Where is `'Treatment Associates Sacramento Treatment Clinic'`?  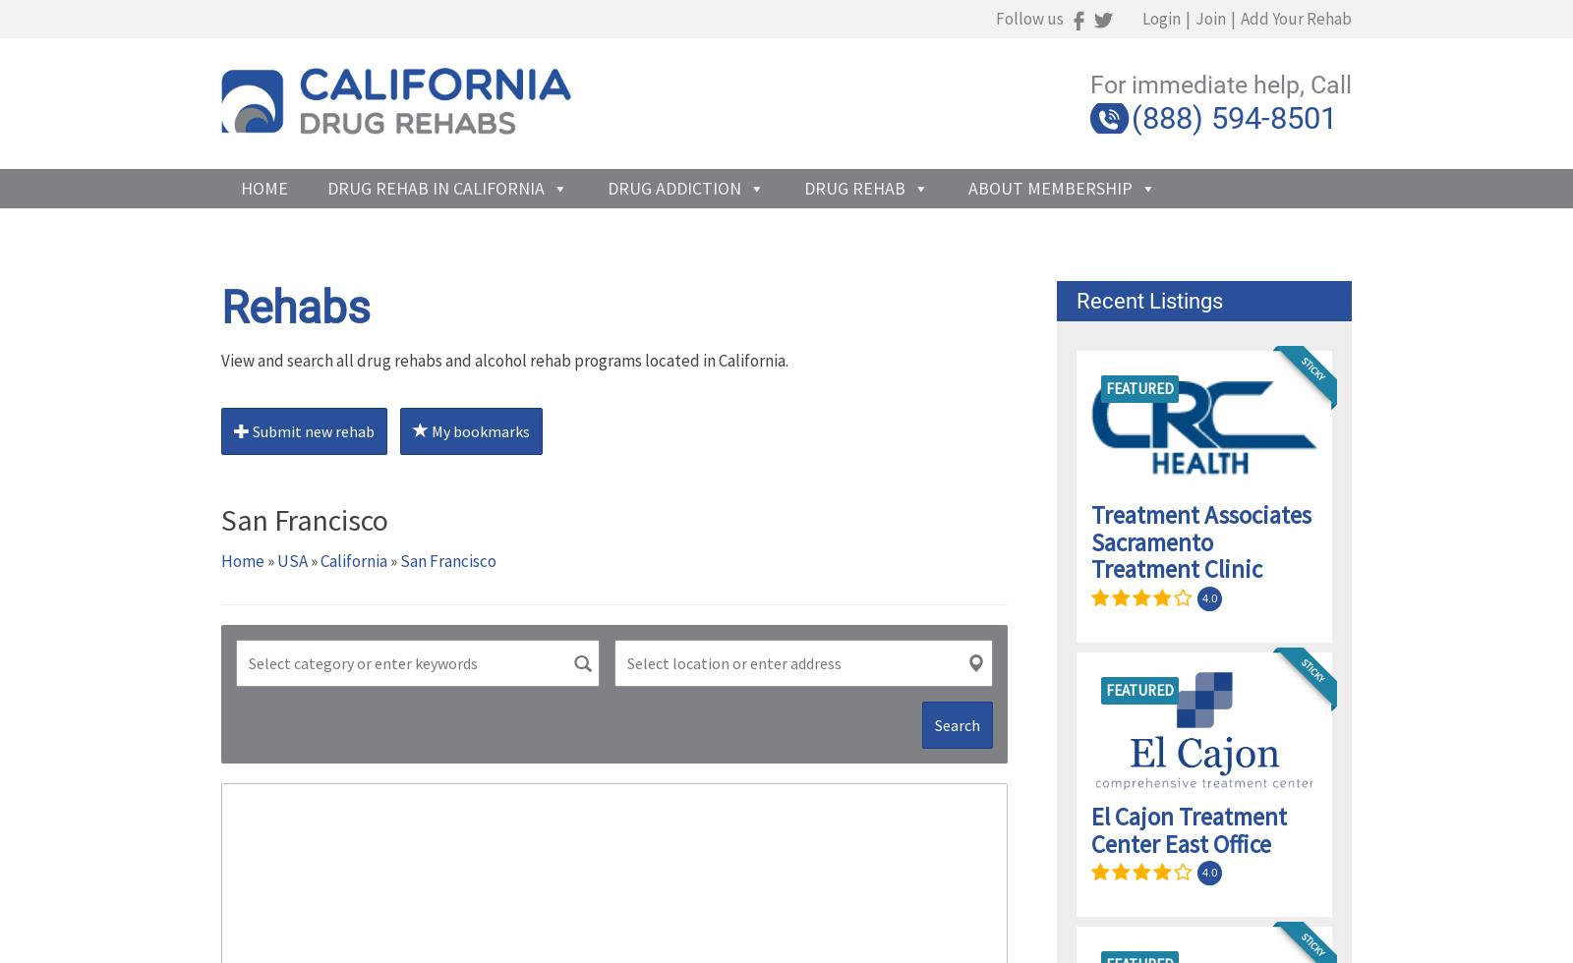 'Treatment Associates Sacramento Treatment Clinic' is located at coordinates (1199, 541).